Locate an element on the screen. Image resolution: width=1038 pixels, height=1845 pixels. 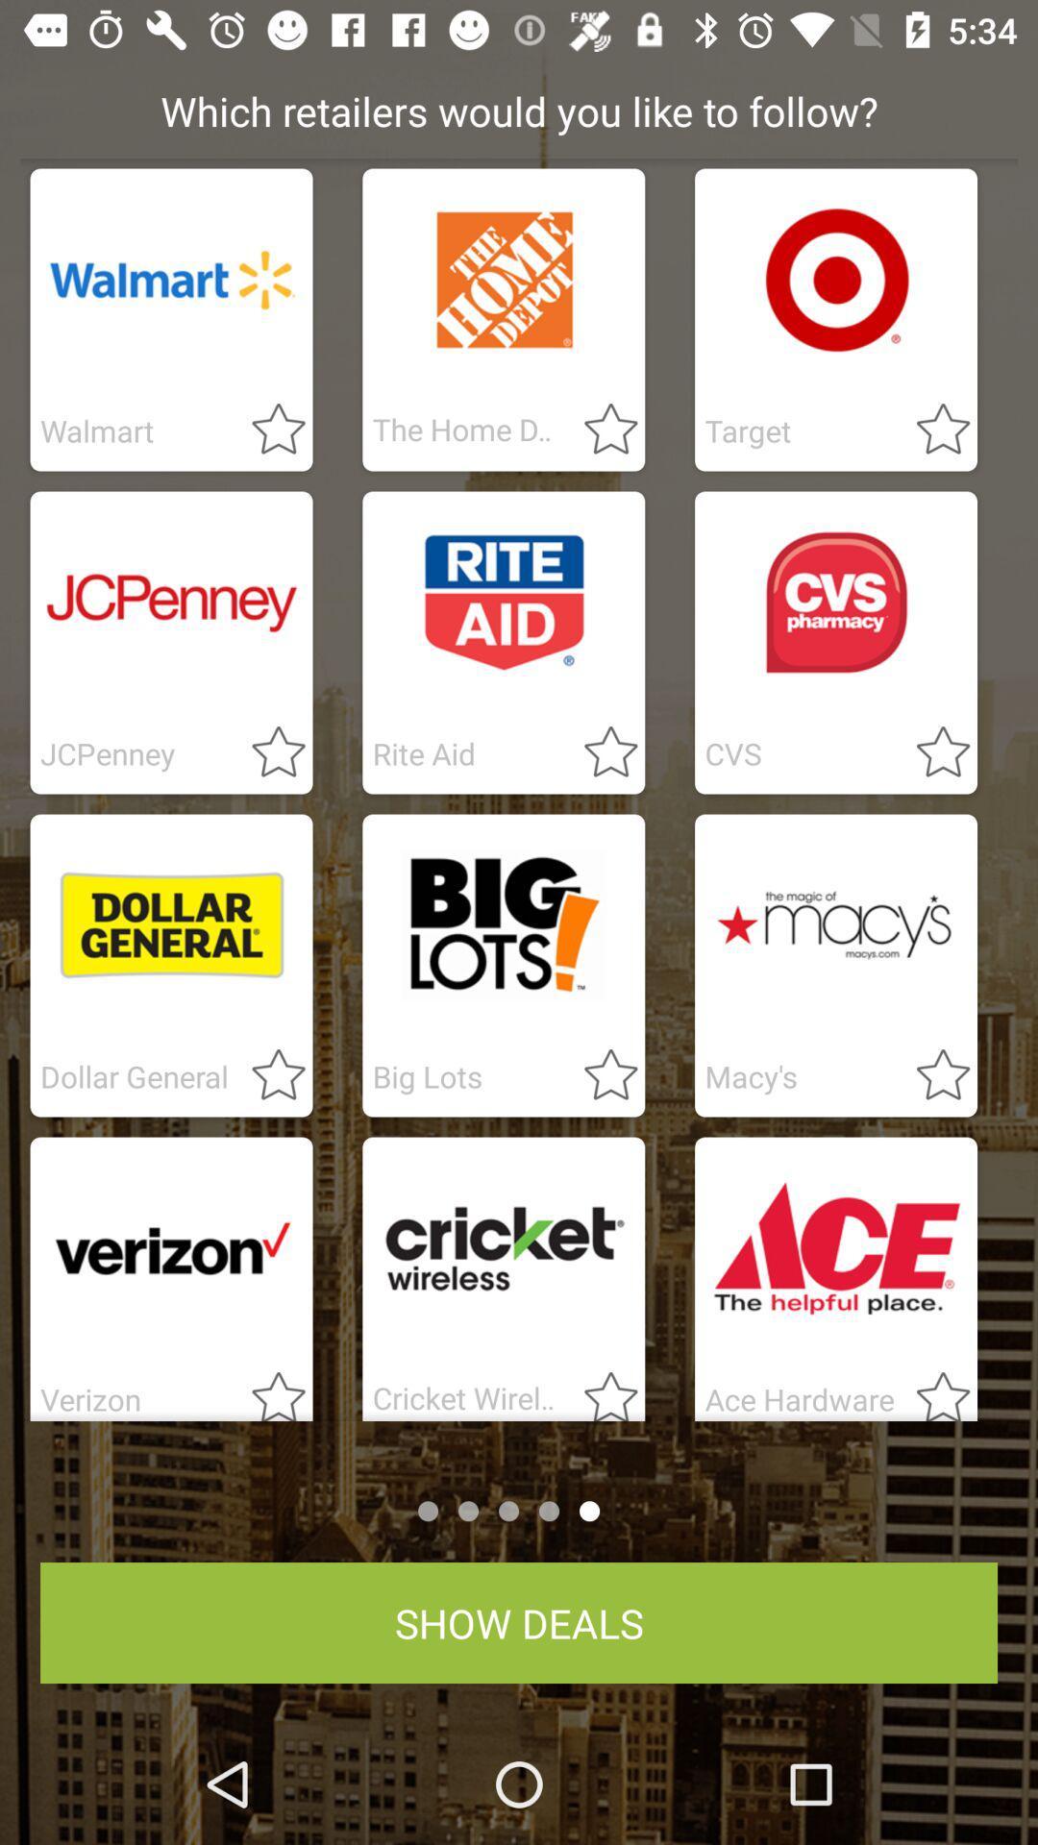
mark as favourite is located at coordinates (930, 1390).